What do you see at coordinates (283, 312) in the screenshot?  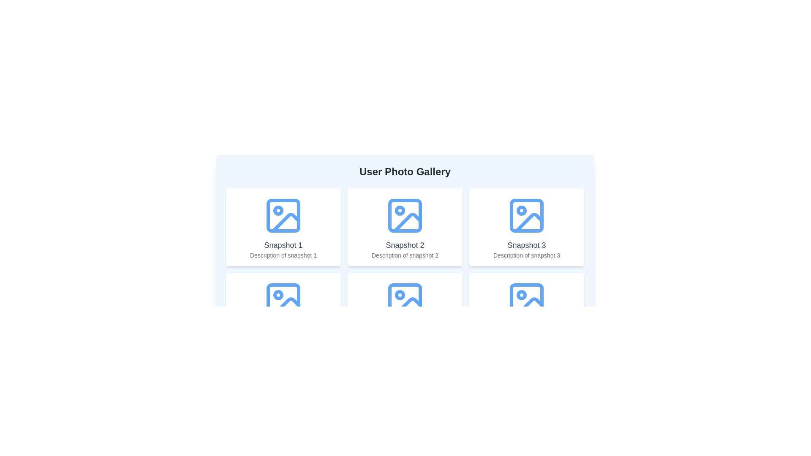 I see `the Card located in the second row, first column of the gallery layout` at bounding box center [283, 312].